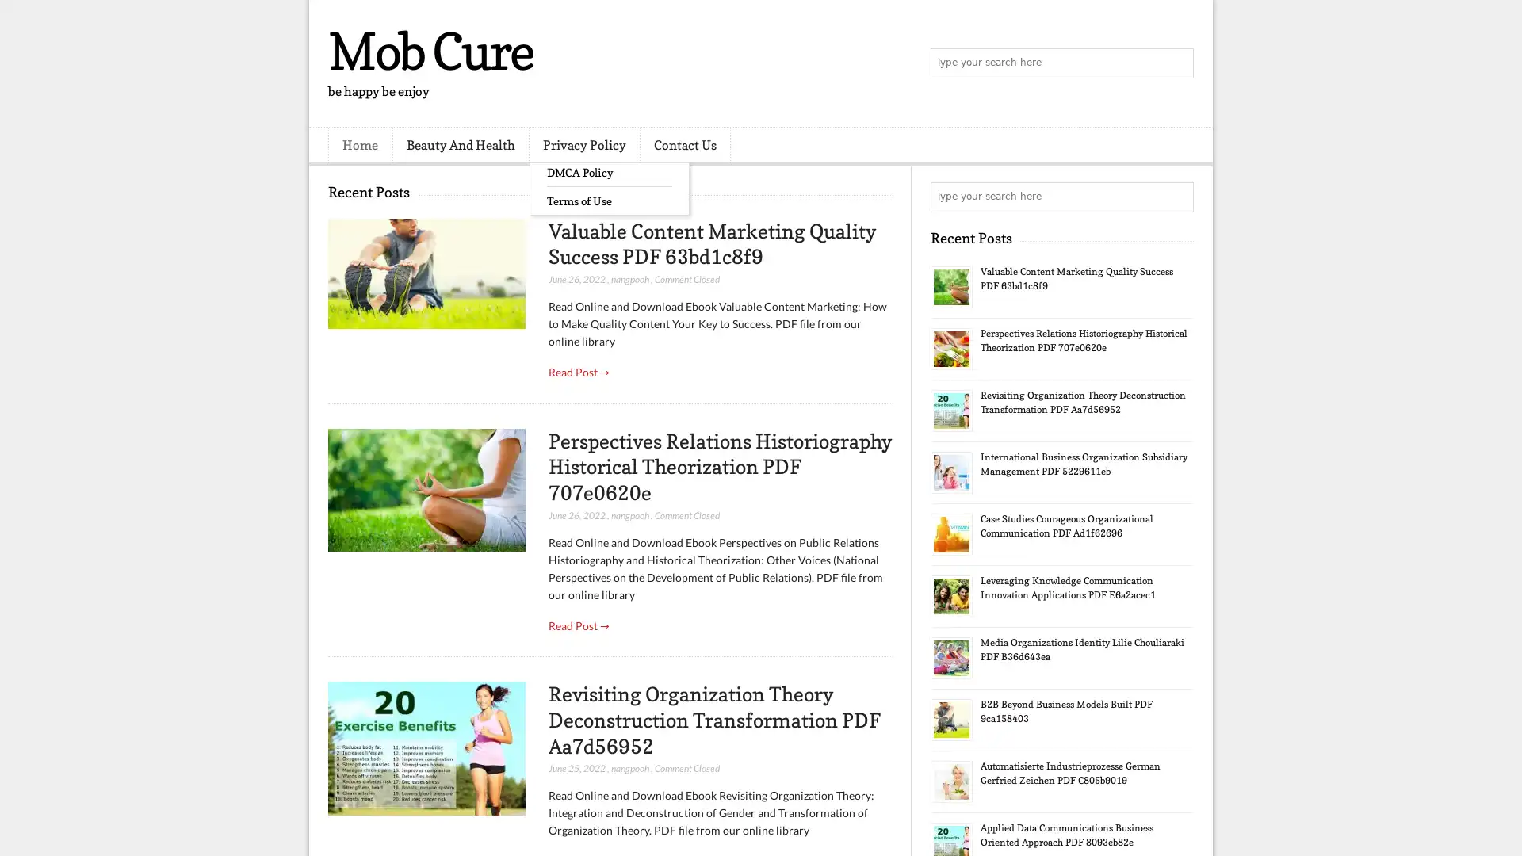  Describe the element at coordinates (1177, 197) in the screenshot. I see `Search` at that location.